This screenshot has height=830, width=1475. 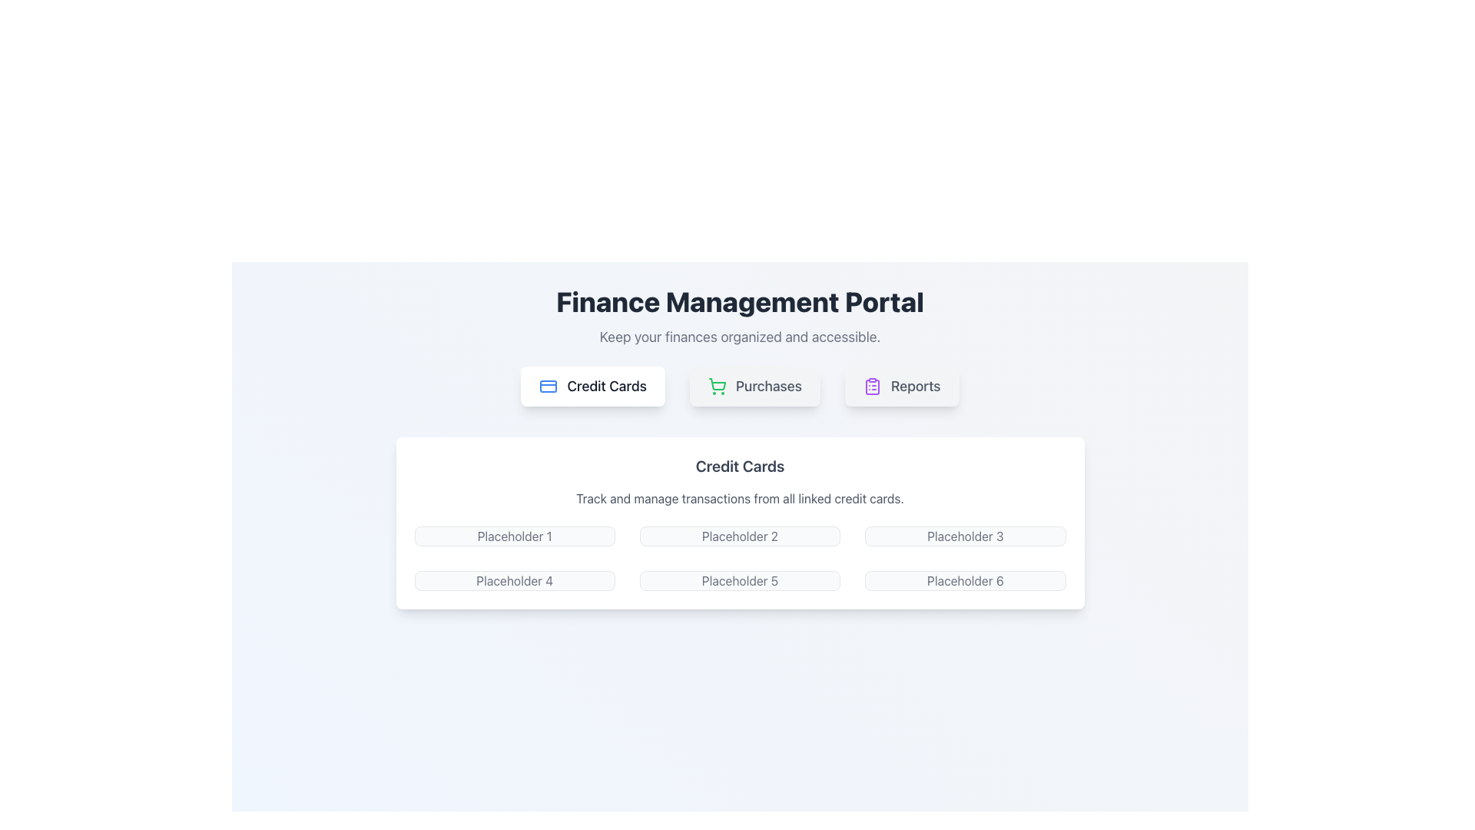 I want to click on the Text Label located in the first placeholder of the top row, which provides guidance to the user, so click(x=515, y=536).